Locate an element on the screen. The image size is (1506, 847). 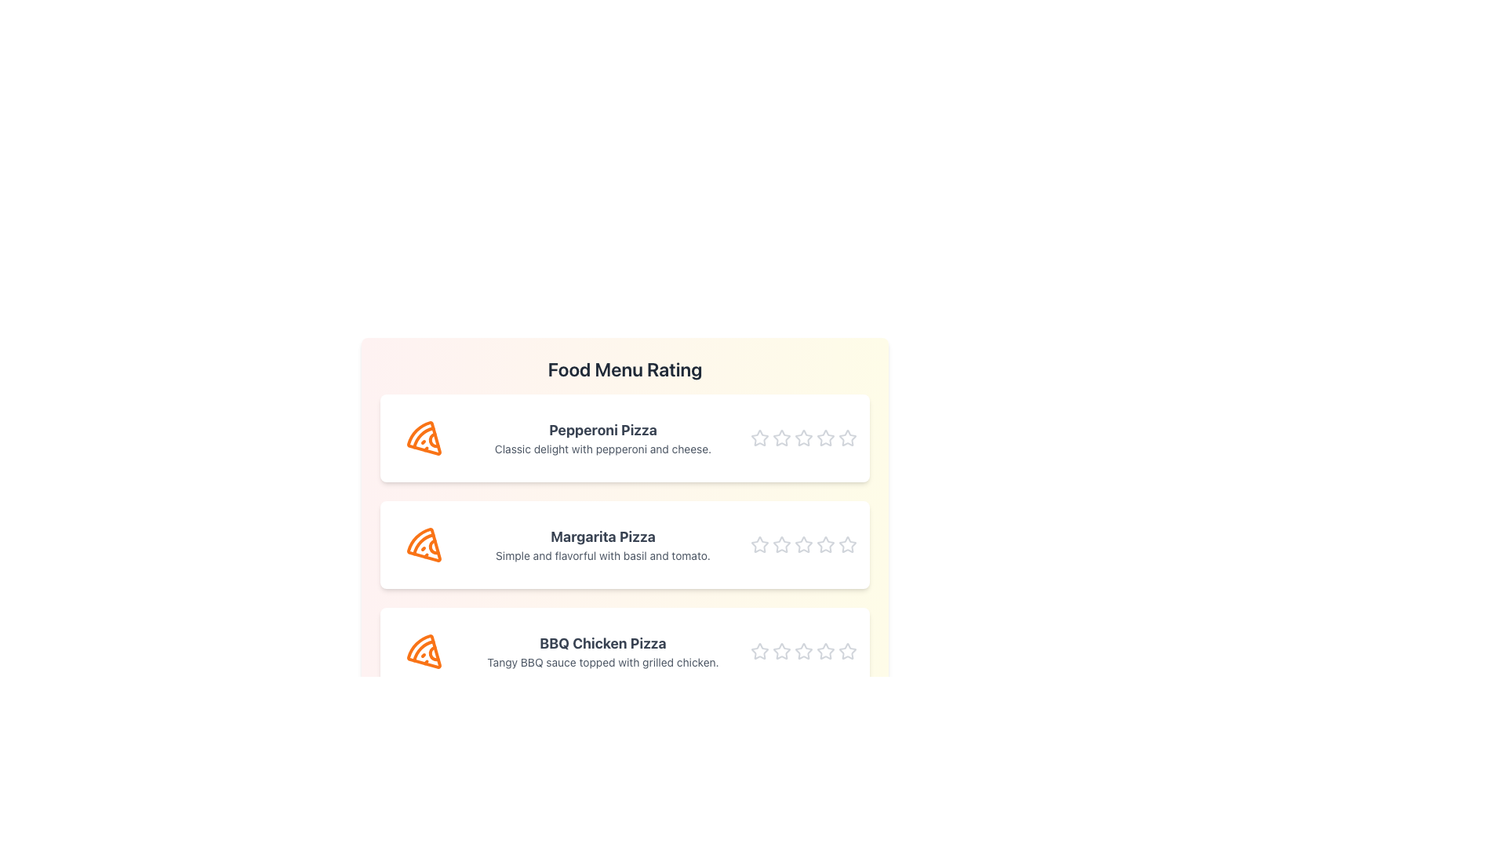
the vibrant orange pizza slice icon located in the third card of the menu items list is located at coordinates (424, 651).